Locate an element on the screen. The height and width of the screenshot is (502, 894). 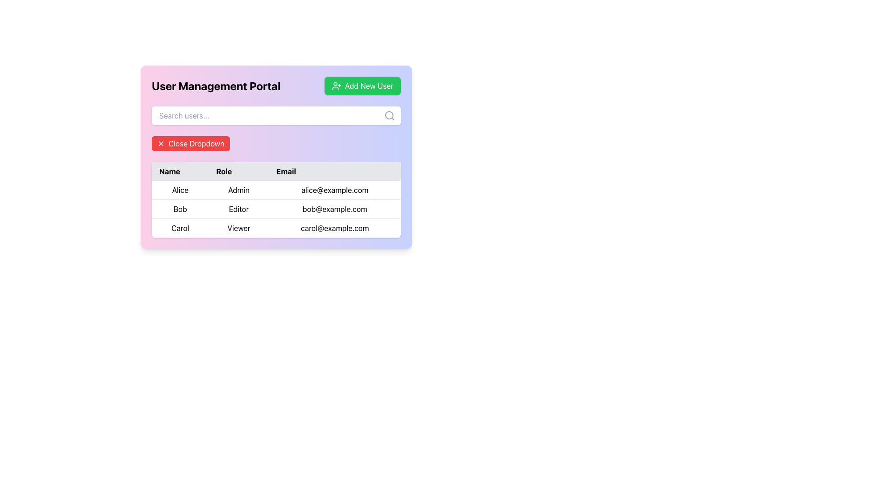
the Circle SVG element that is part of a search icon, located at the right-hand side of the search bar is located at coordinates (389, 114).